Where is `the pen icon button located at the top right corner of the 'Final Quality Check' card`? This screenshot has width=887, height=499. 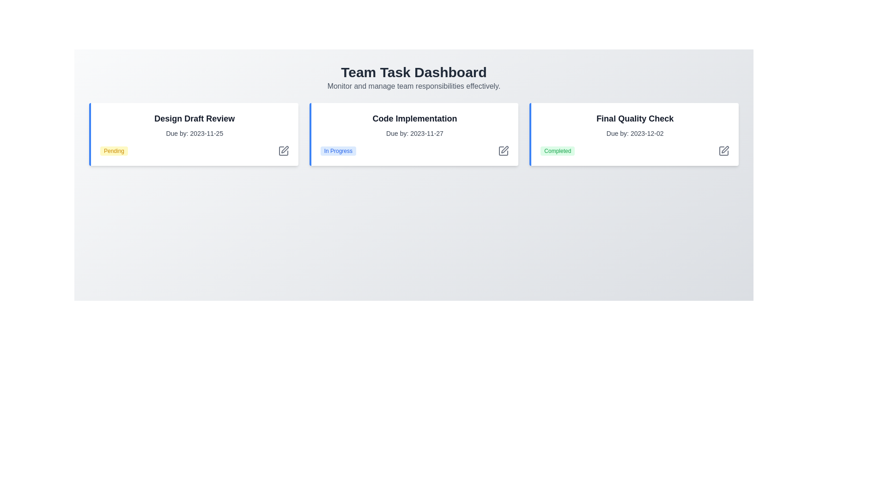
the pen icon button located at the top right corner of the 'Final Quality Check' card is located at coordinates (723, 151).